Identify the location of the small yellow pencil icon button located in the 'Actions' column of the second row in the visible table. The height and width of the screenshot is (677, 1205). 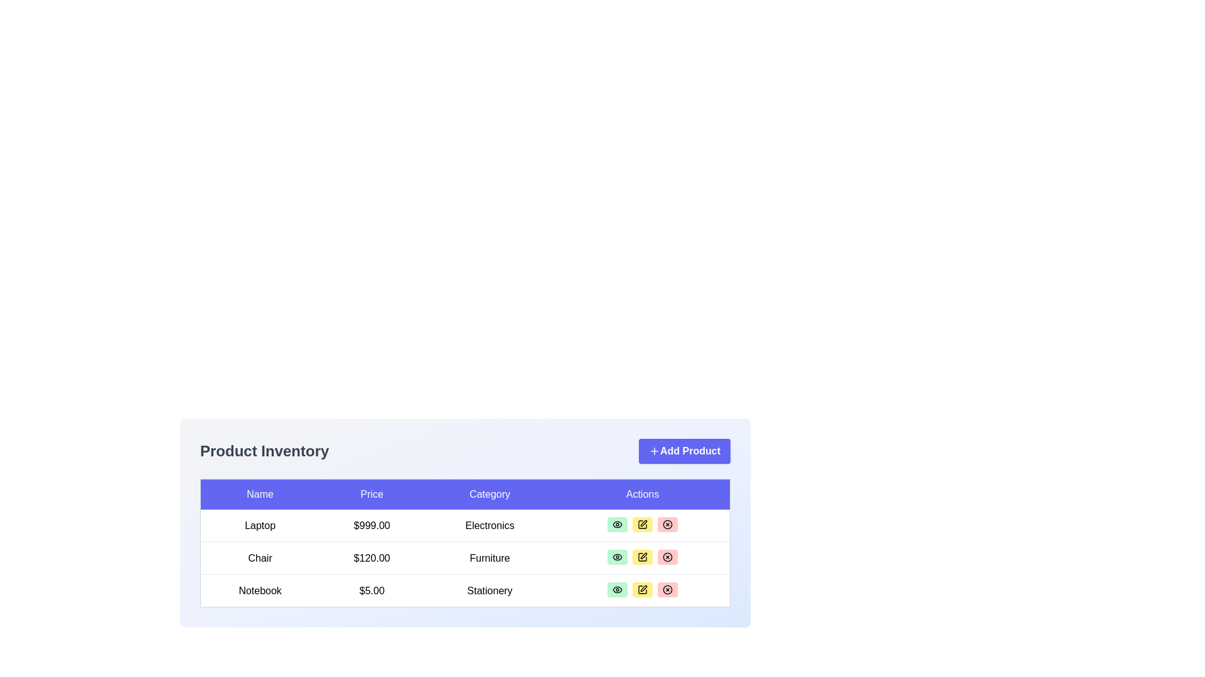
(642, 556).